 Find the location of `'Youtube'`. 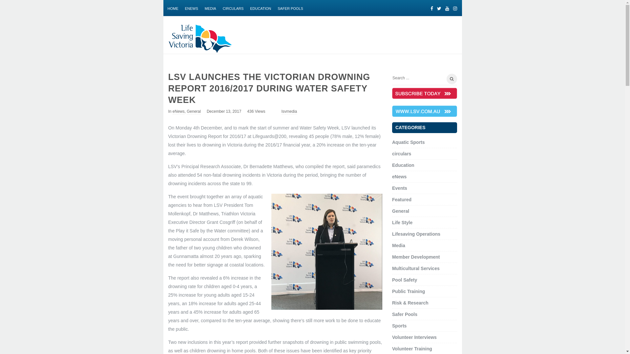

'Youtube' is located at coordinates (447, 6).